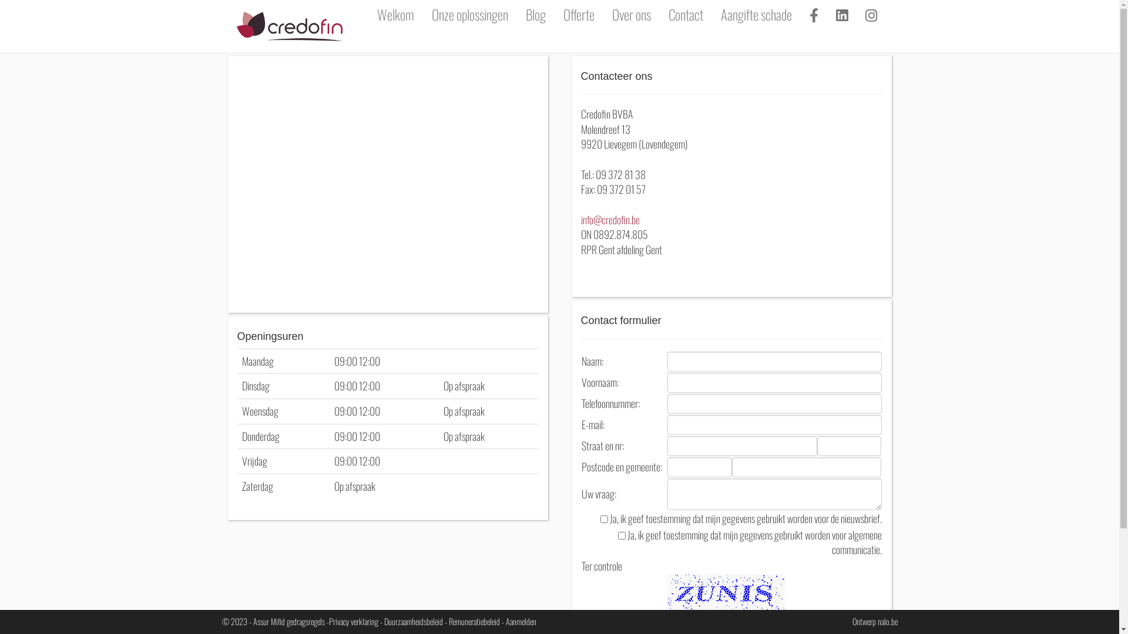 The height and width of the screenshot is (634, 1128). Describe the element at coordinates (288, 620) in the screenshot. I see `'Assur Mifid gedragsregels'` at that location.